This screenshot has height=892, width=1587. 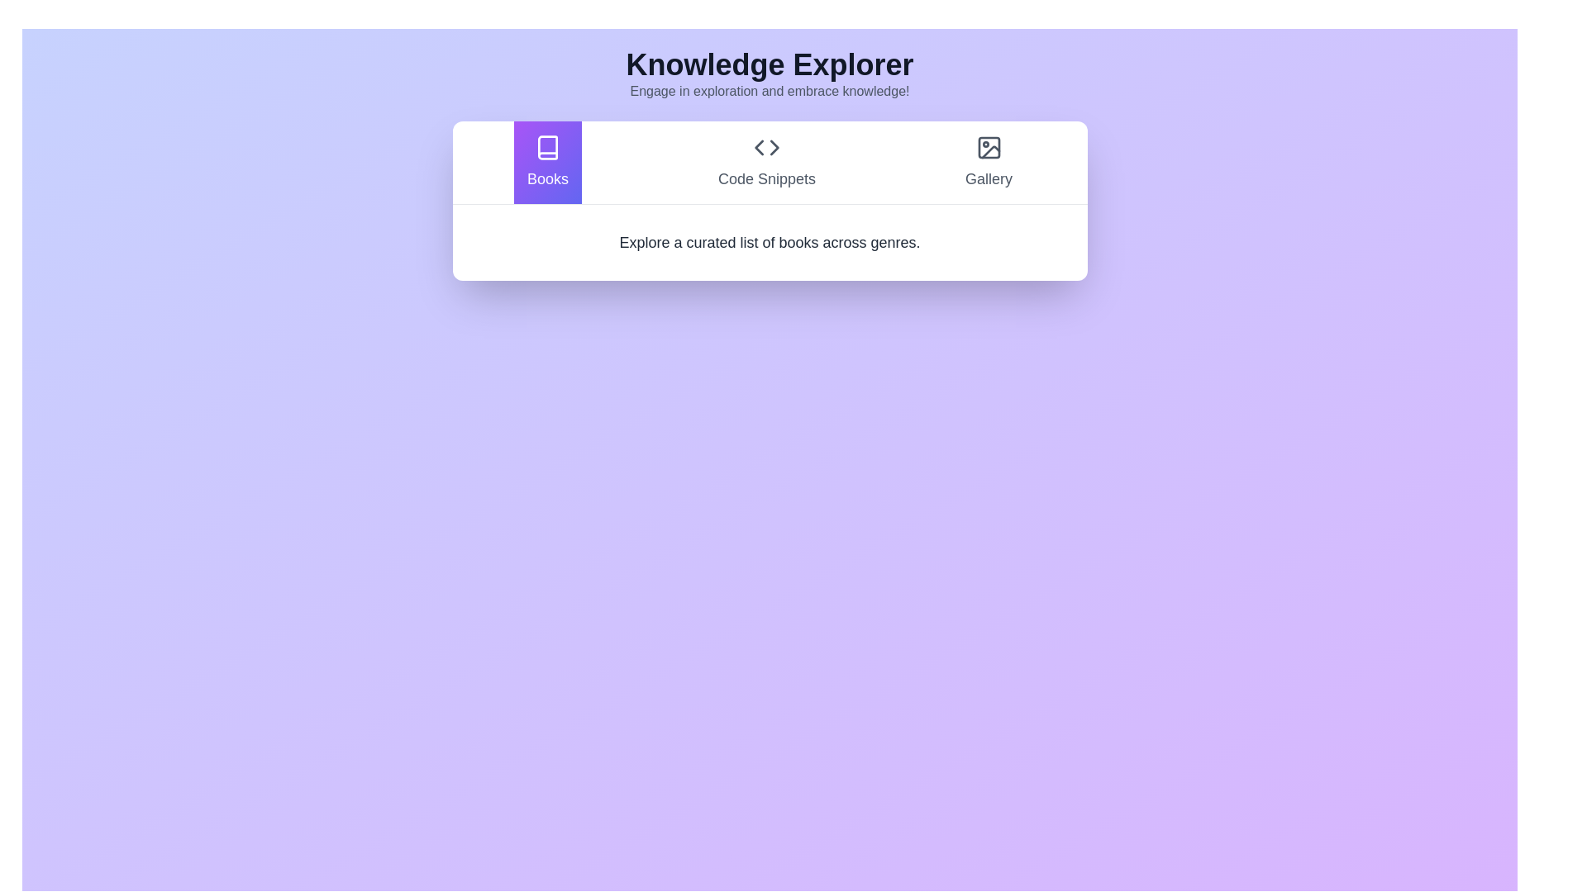 I want to click on the Books tab to switch the content, so click(x=547, y=162).